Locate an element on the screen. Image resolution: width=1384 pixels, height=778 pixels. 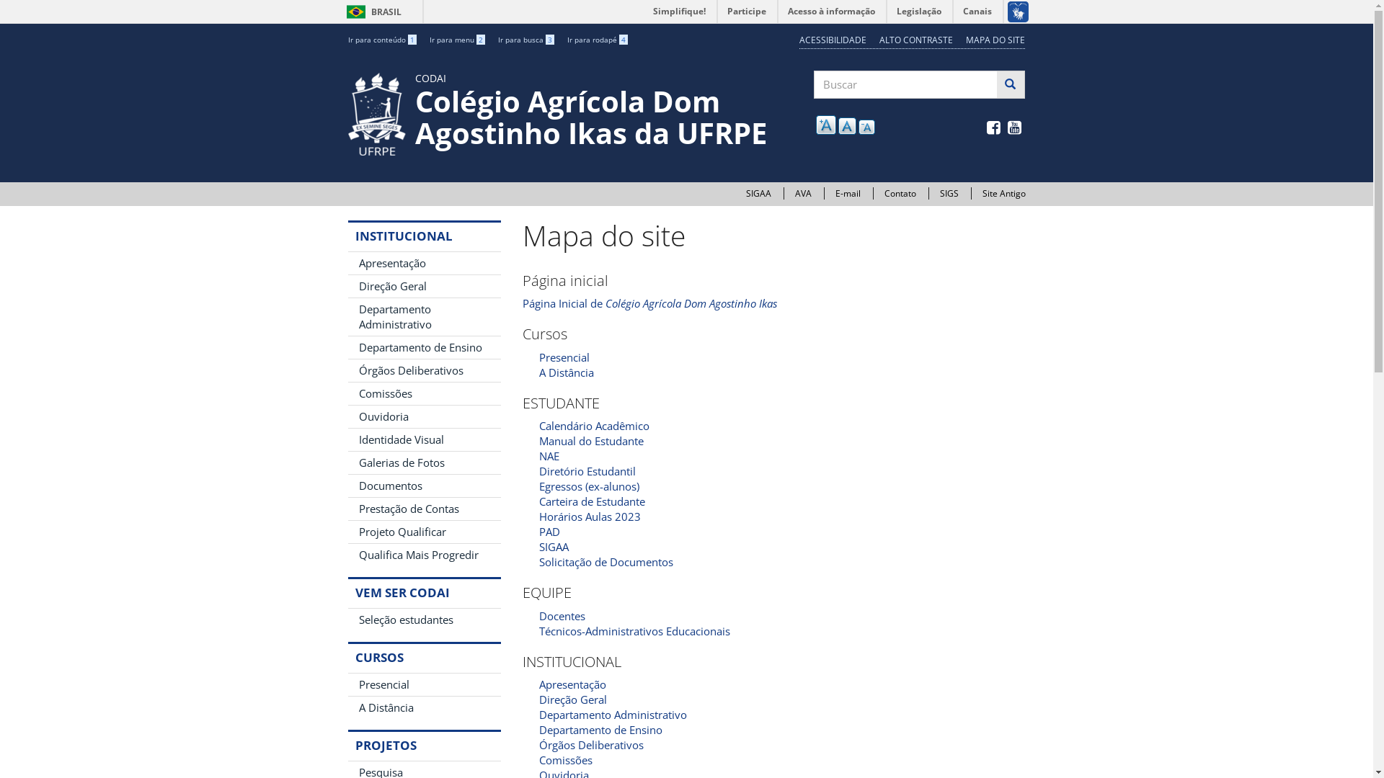
'ALTO CONTRASTE' is located at coordinates (915, 39).